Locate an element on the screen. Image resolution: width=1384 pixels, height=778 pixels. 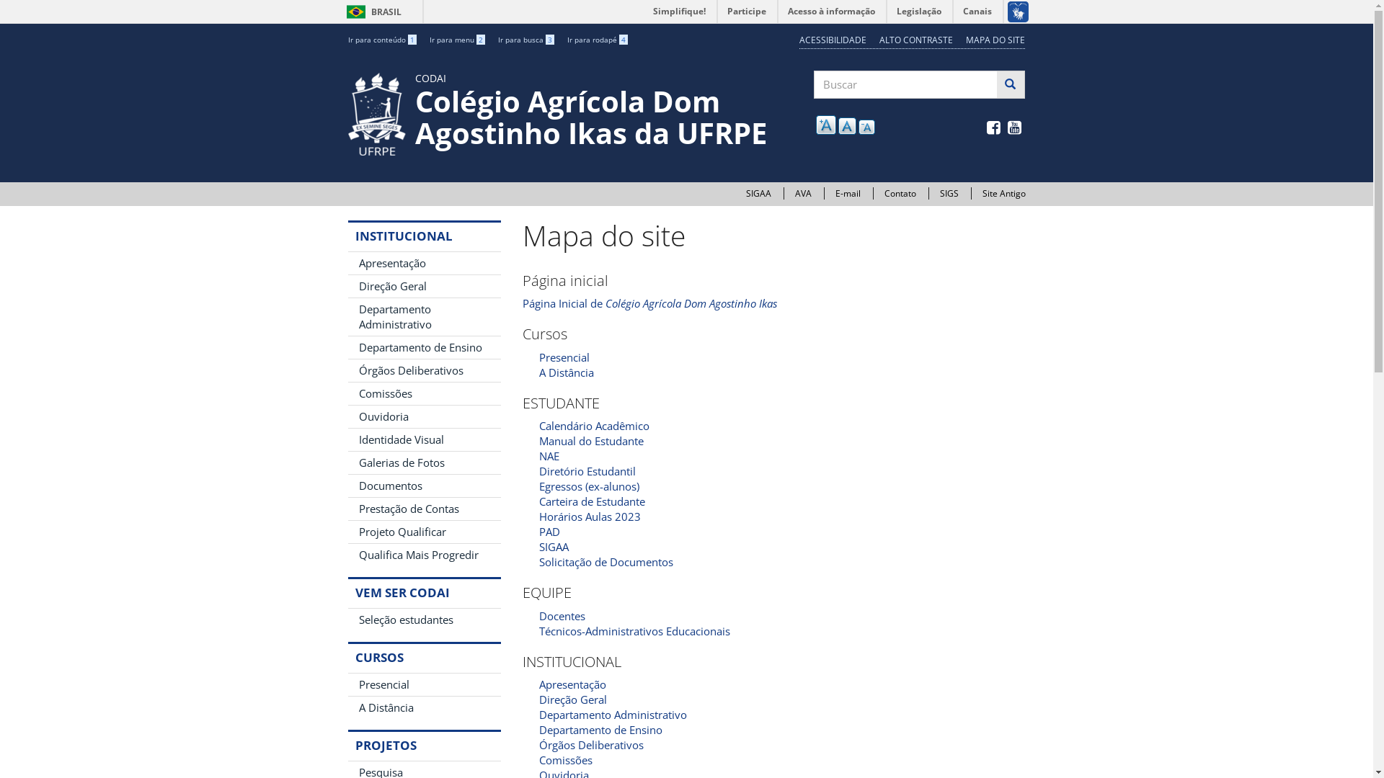
'ALTO CONTRASTE' is located at coordinates (915, 39).